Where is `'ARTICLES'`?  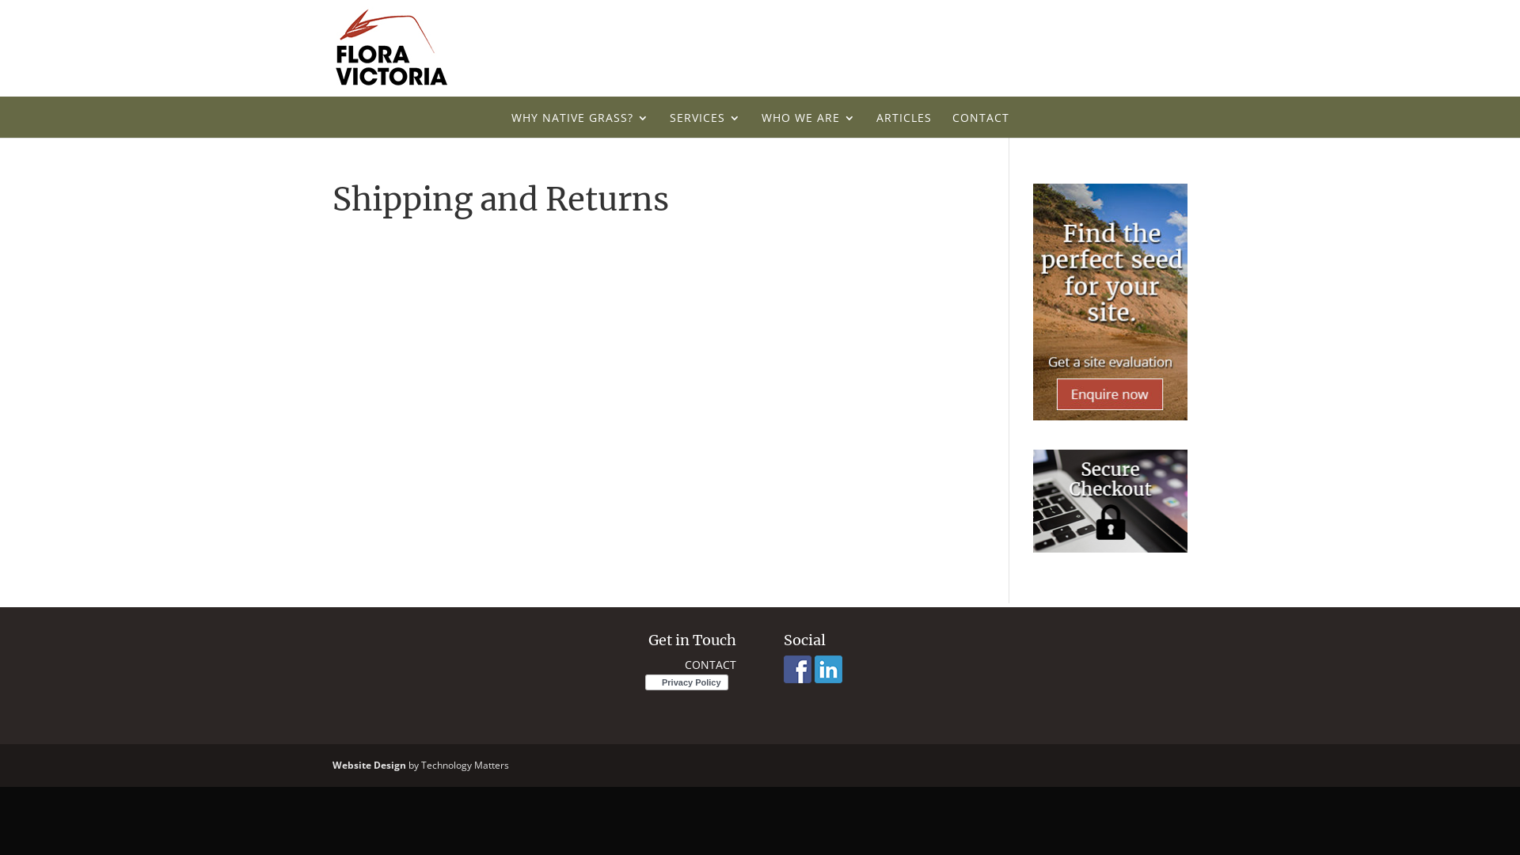
'ARTICLES' is located at coordinates (903, 124).